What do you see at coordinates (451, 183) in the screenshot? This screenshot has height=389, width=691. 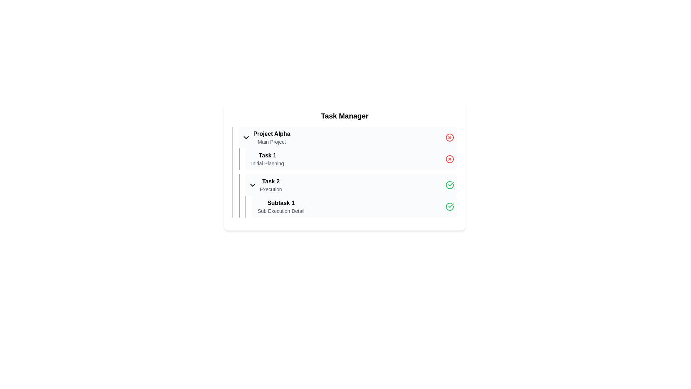 I see `the green checkmark icon in the SVG graphic, which indicates the completion of 'Subtask 1' located near the bottom of the task list interface` at bounding box center [451, 183].